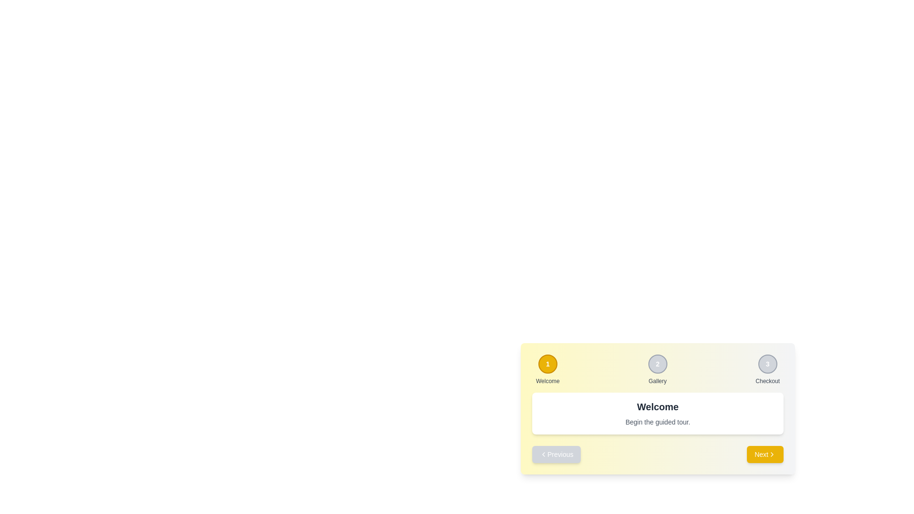 The image size is (914, 514). What do you see at coordinates (657, 422) in the screenshot?
I see `the static text label displaying 'Begin the guided tour.' which is located below the 'Welcome' header in a light card interface` at bounding box center [657, 422].